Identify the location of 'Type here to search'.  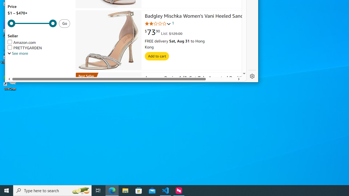
(52, 190).